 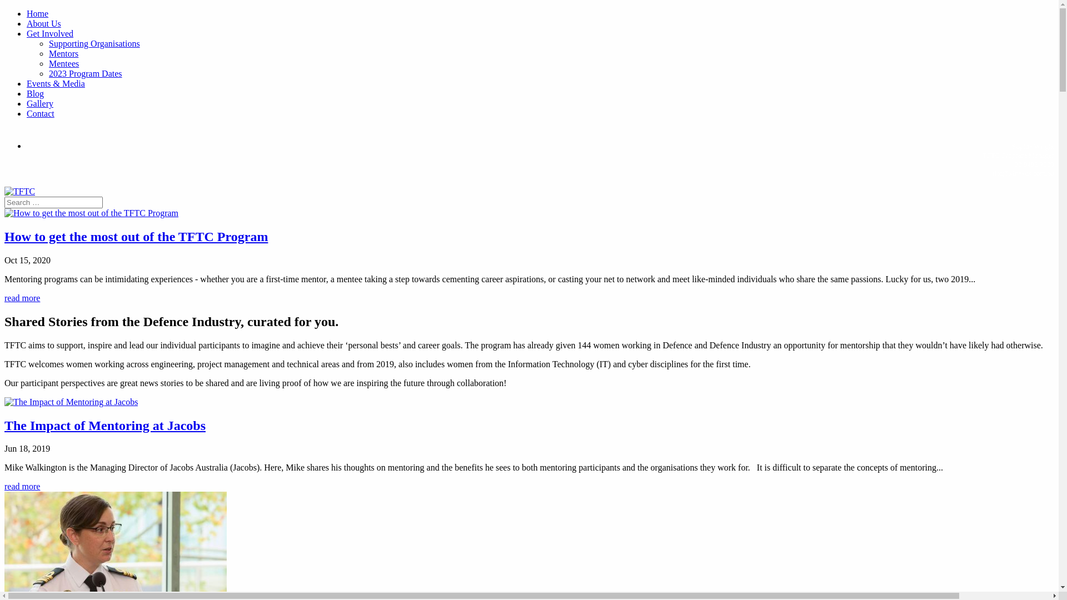 I want to click on 'Supporting Organisations', so click(x=94, y=43).